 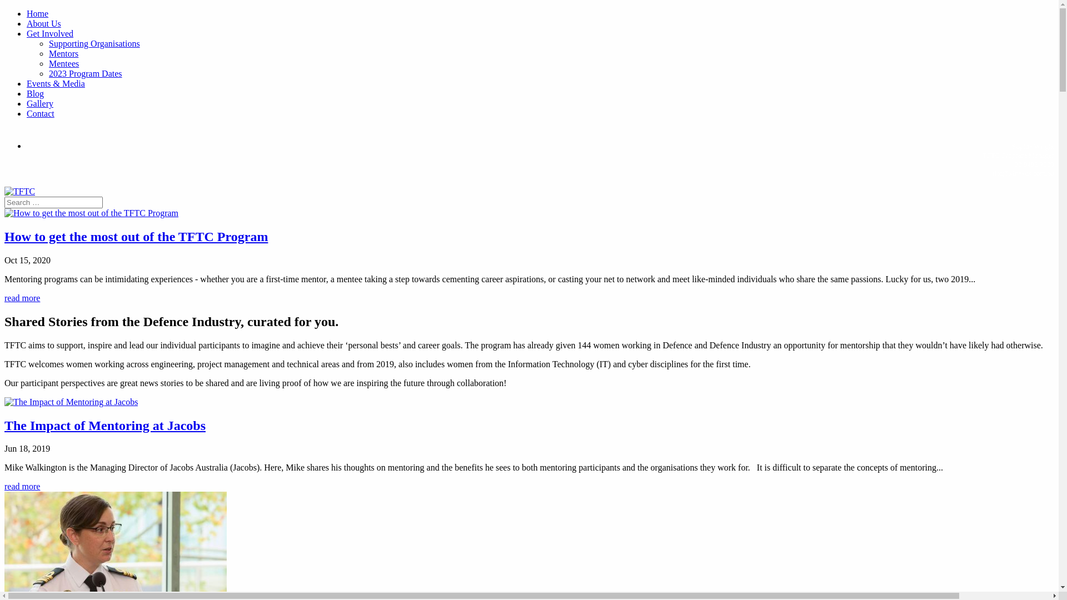 I want to click on 'Supporting Organisations', so click(x=94, y=43).